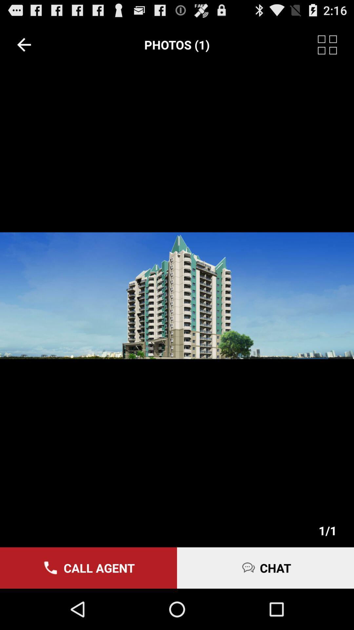  I want to click on item at the top left corner, so click(24, 44).